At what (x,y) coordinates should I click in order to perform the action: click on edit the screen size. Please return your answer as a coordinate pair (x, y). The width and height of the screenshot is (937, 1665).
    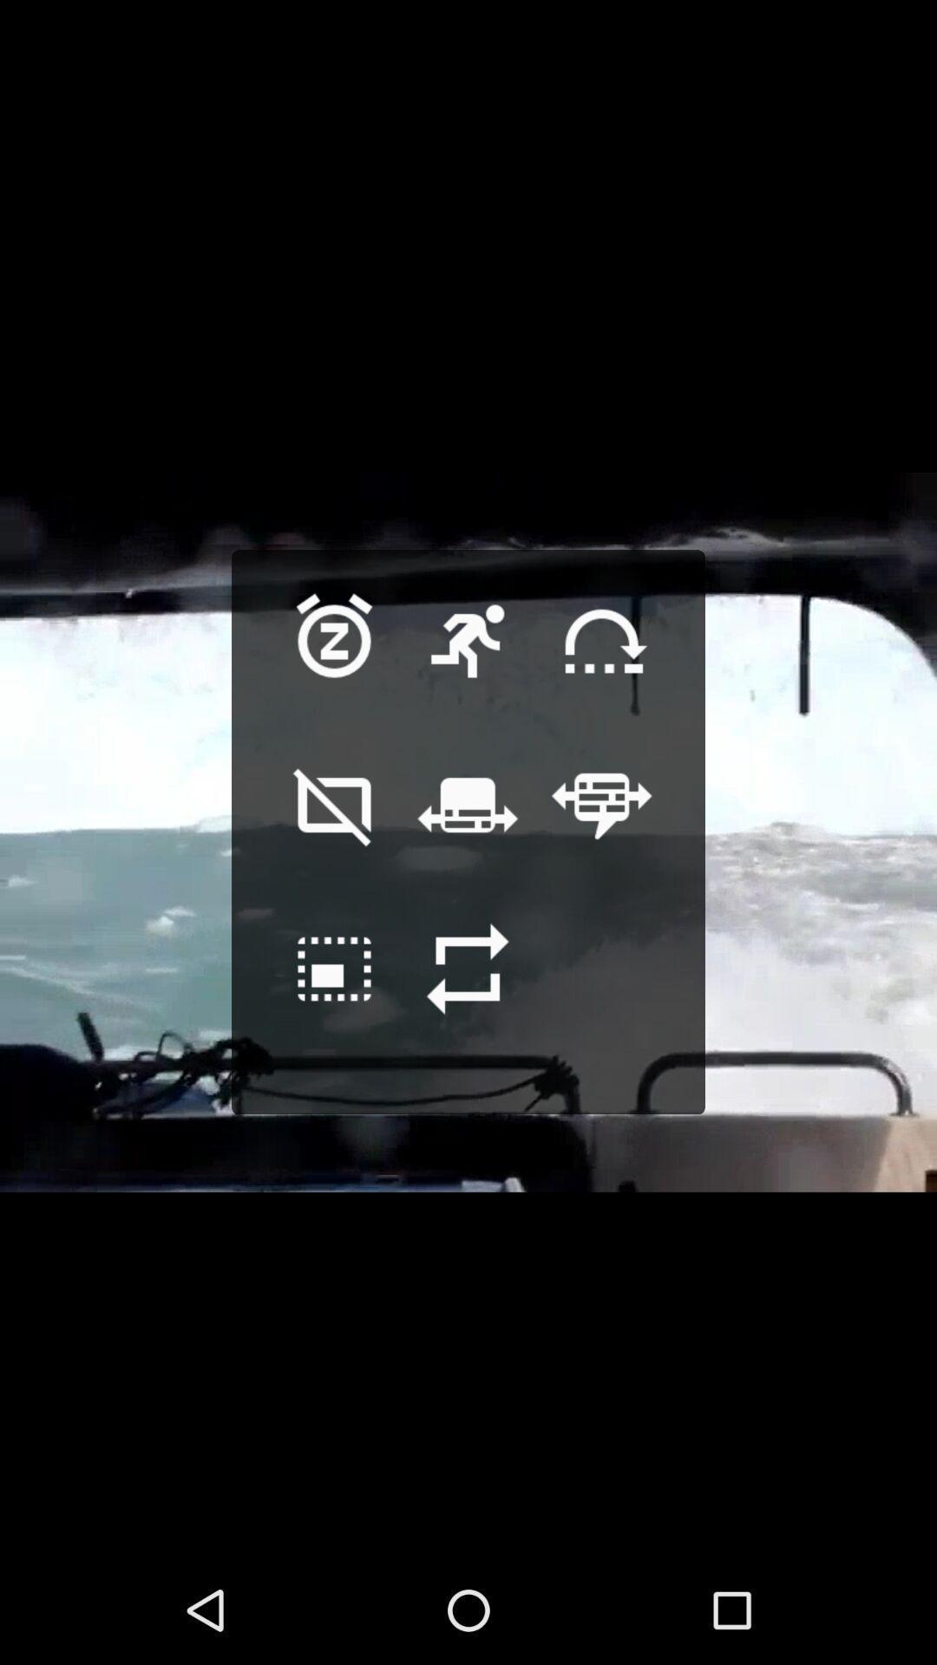
    Looking at the image, I should click on (334, 996).